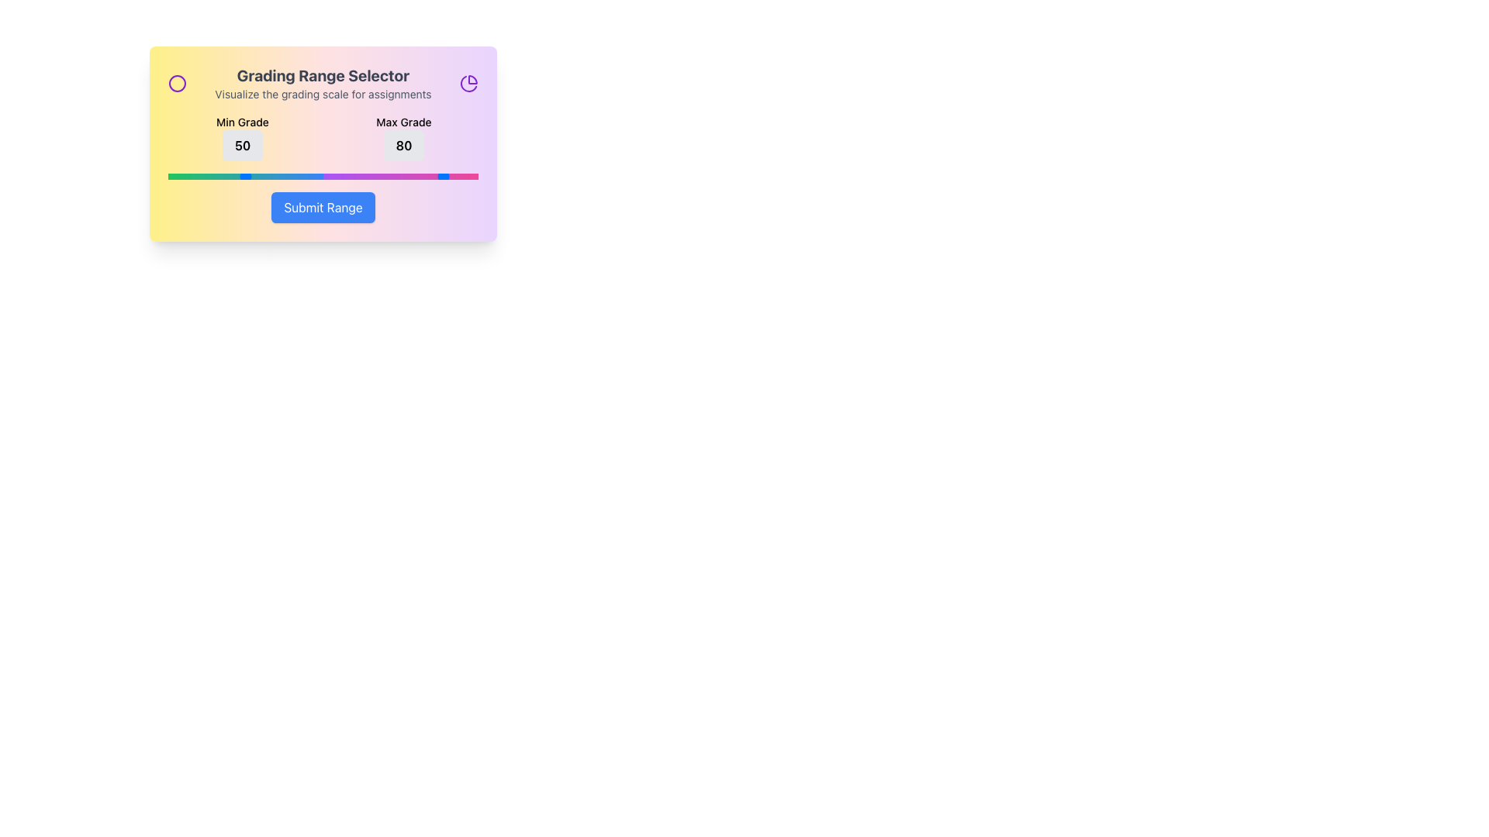  I want to click on the 'Max Grade' label which displays '80' in bold text, located on the right side of the 'Min Grade' component, so click(404, 136).